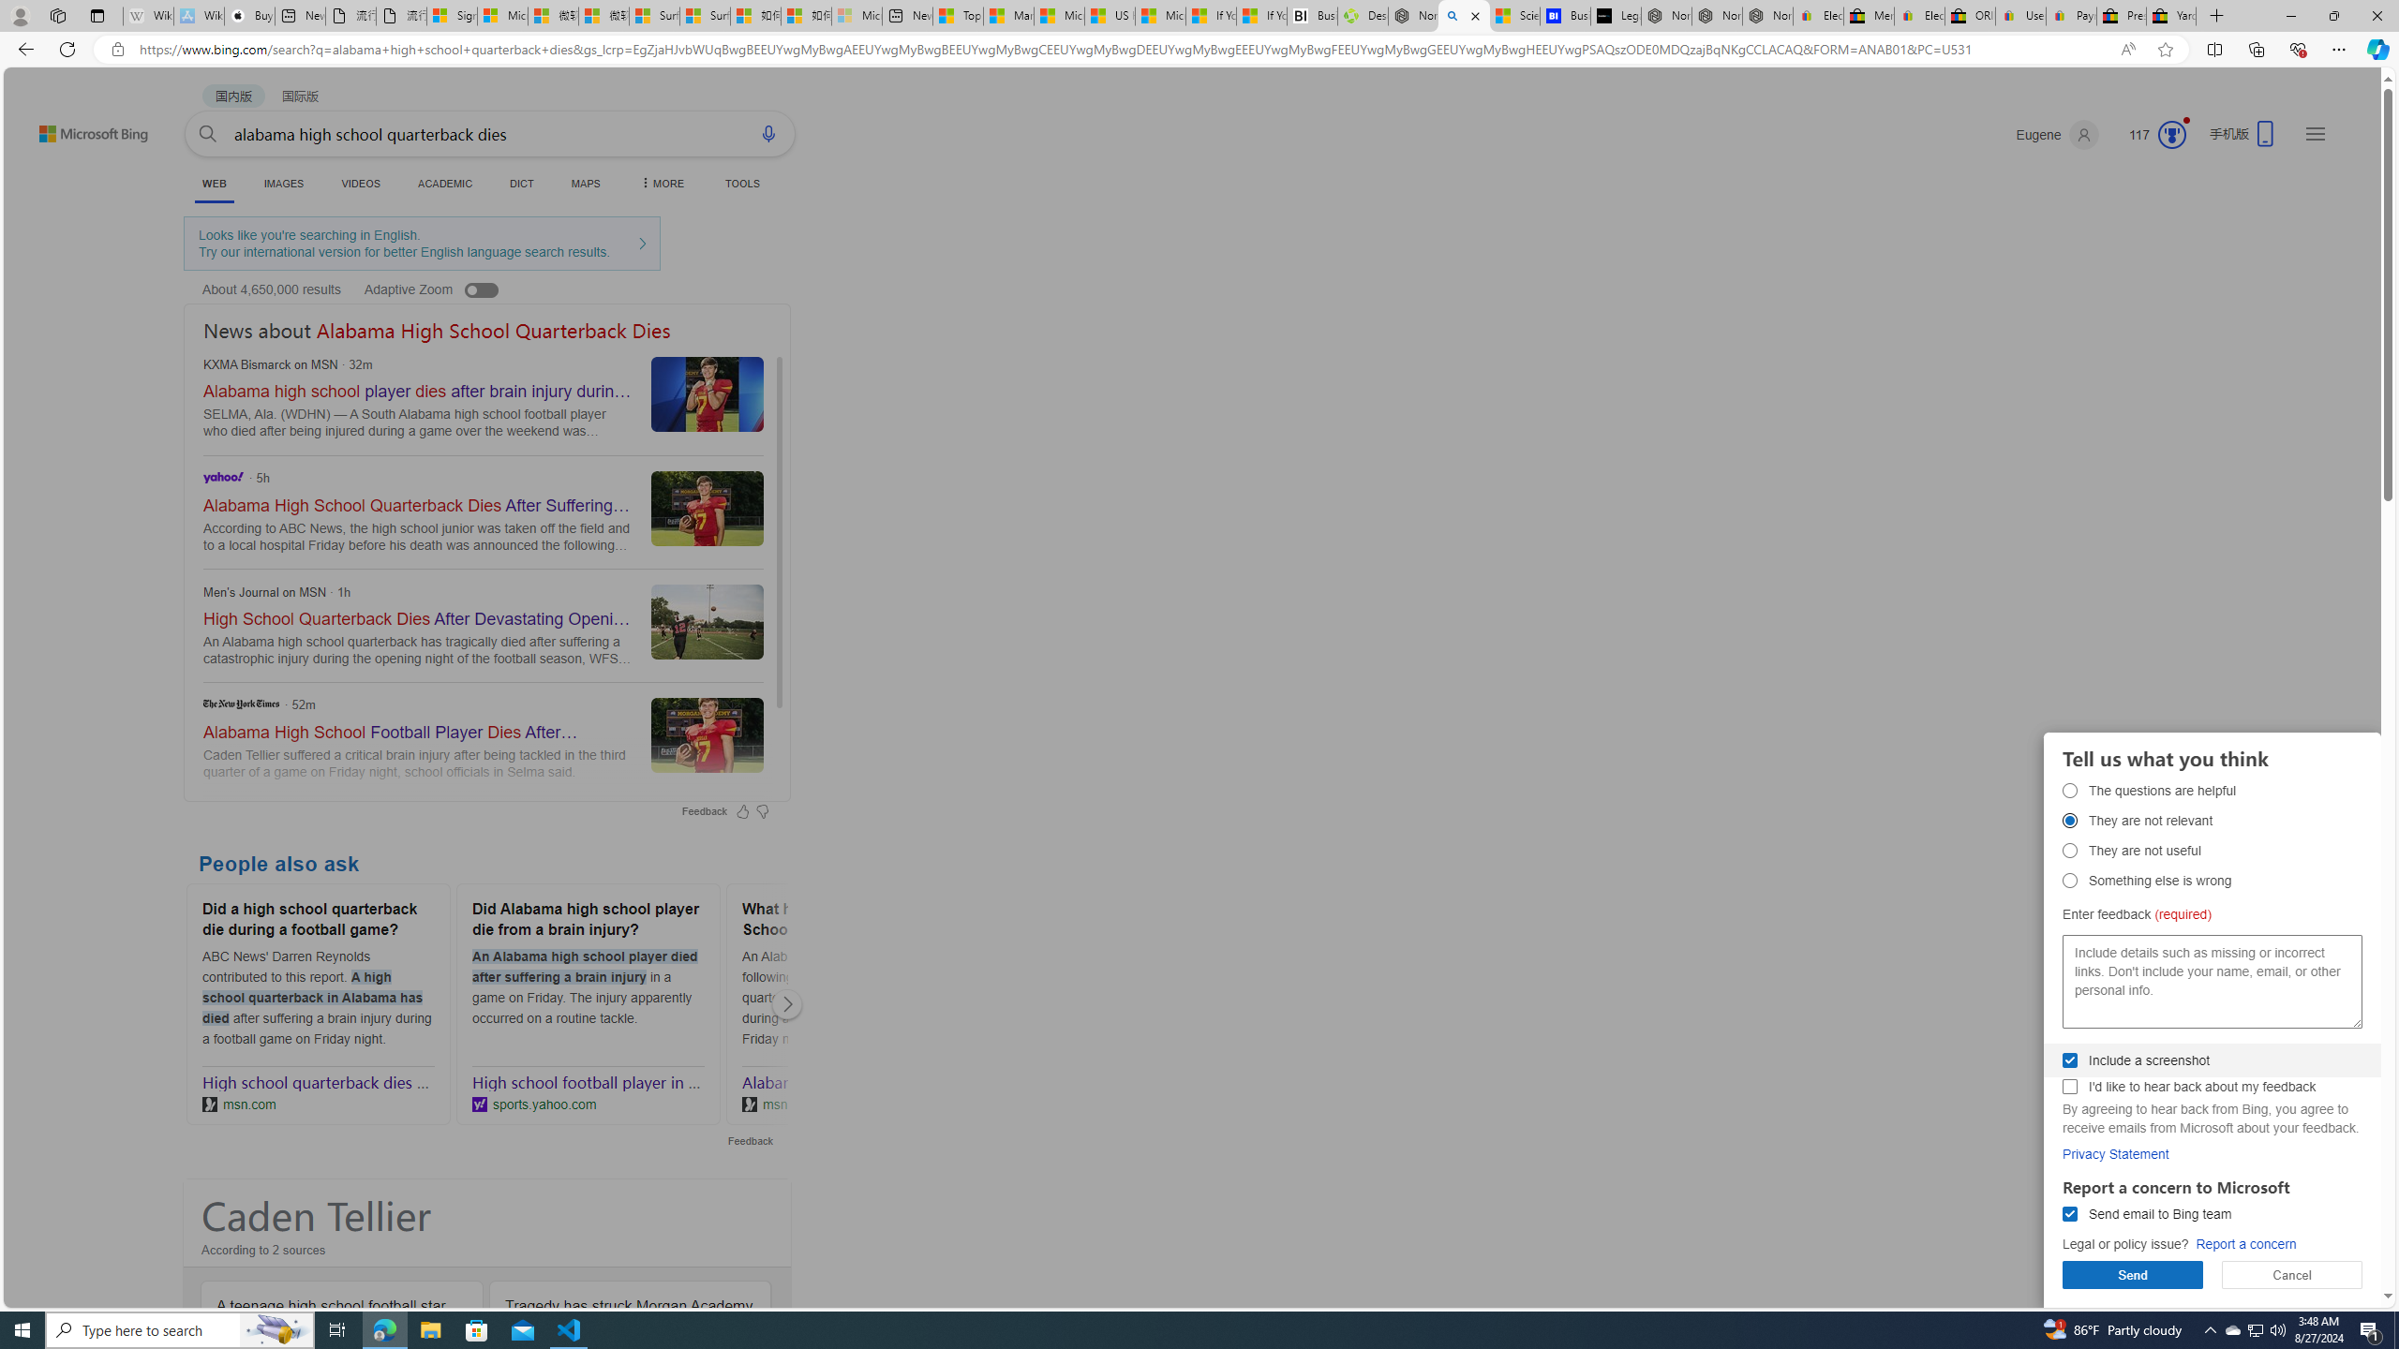  I want to click on 'Microsoft account | Account Checkup - Sleeping', so click(856, 15).